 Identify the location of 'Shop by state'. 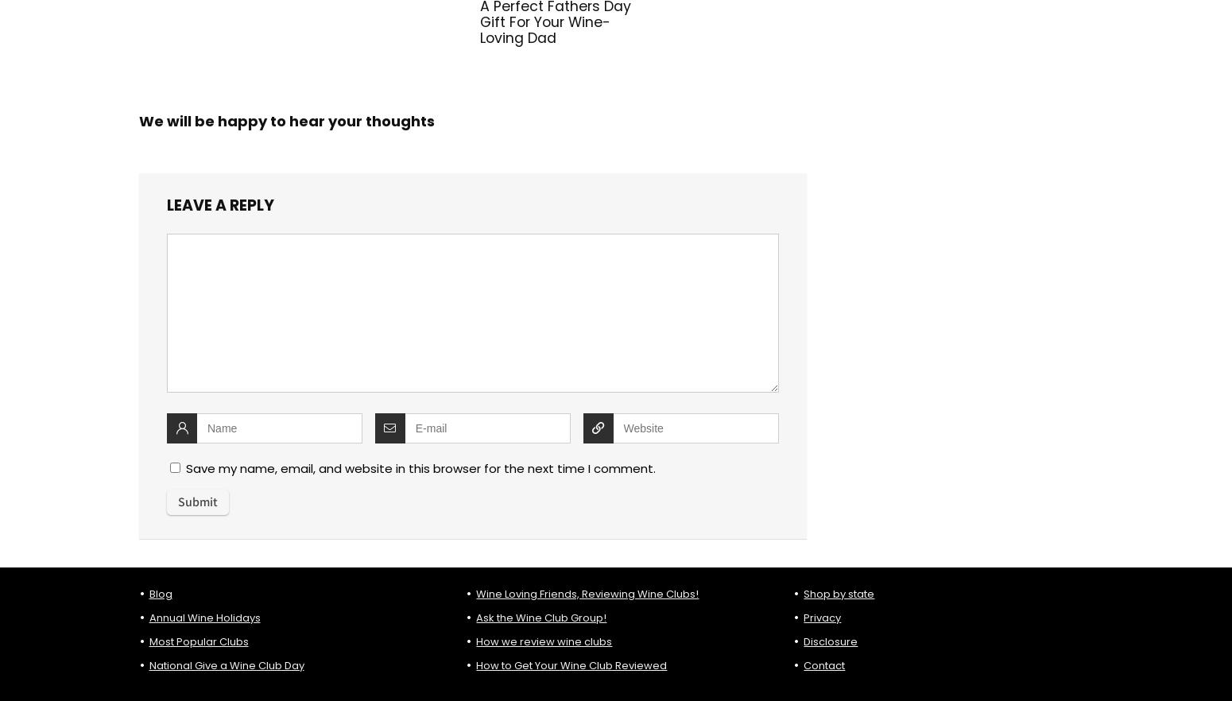
(839, 592).